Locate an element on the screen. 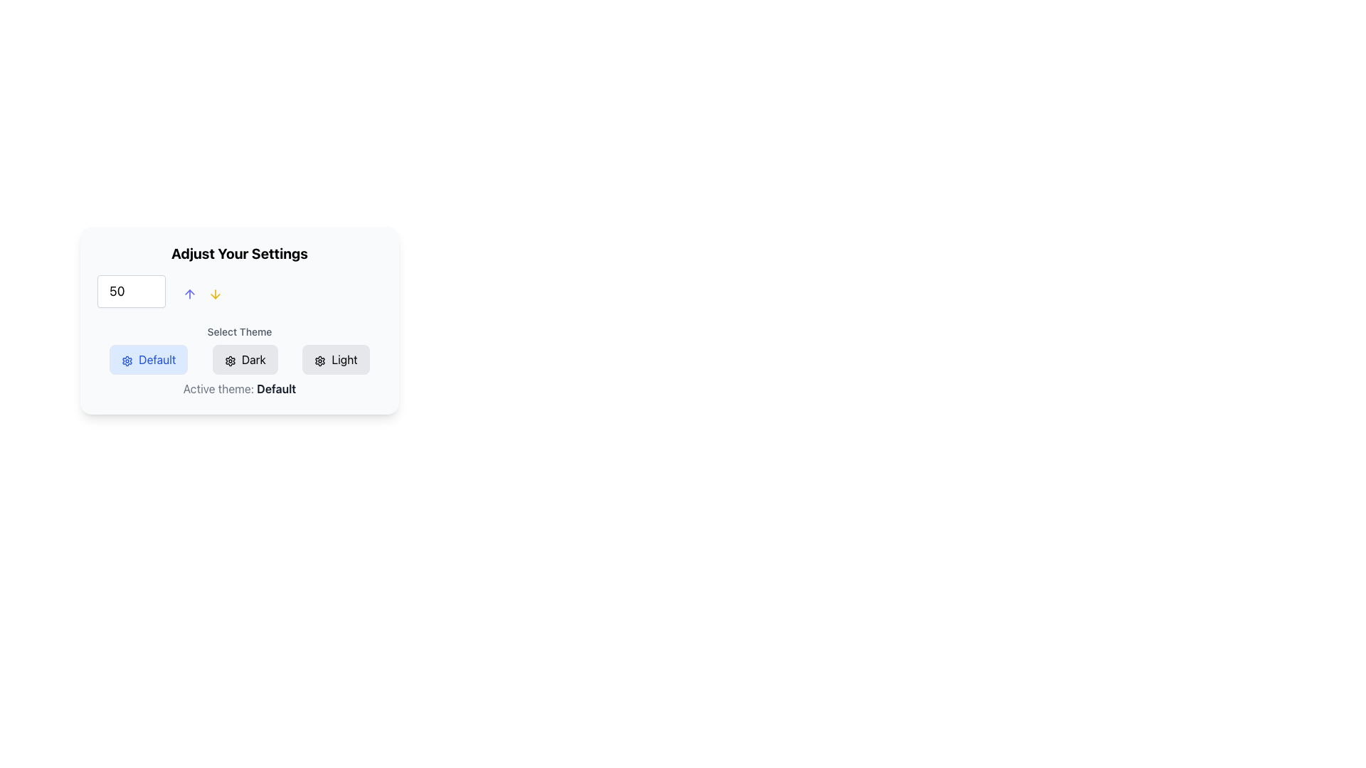 The image size is (1366, 768). the settings icon located in the central area of the application interface, positioned to the left of the 'Default' theme button within the 'Select Theme' section is located at coordinates (230, 360).